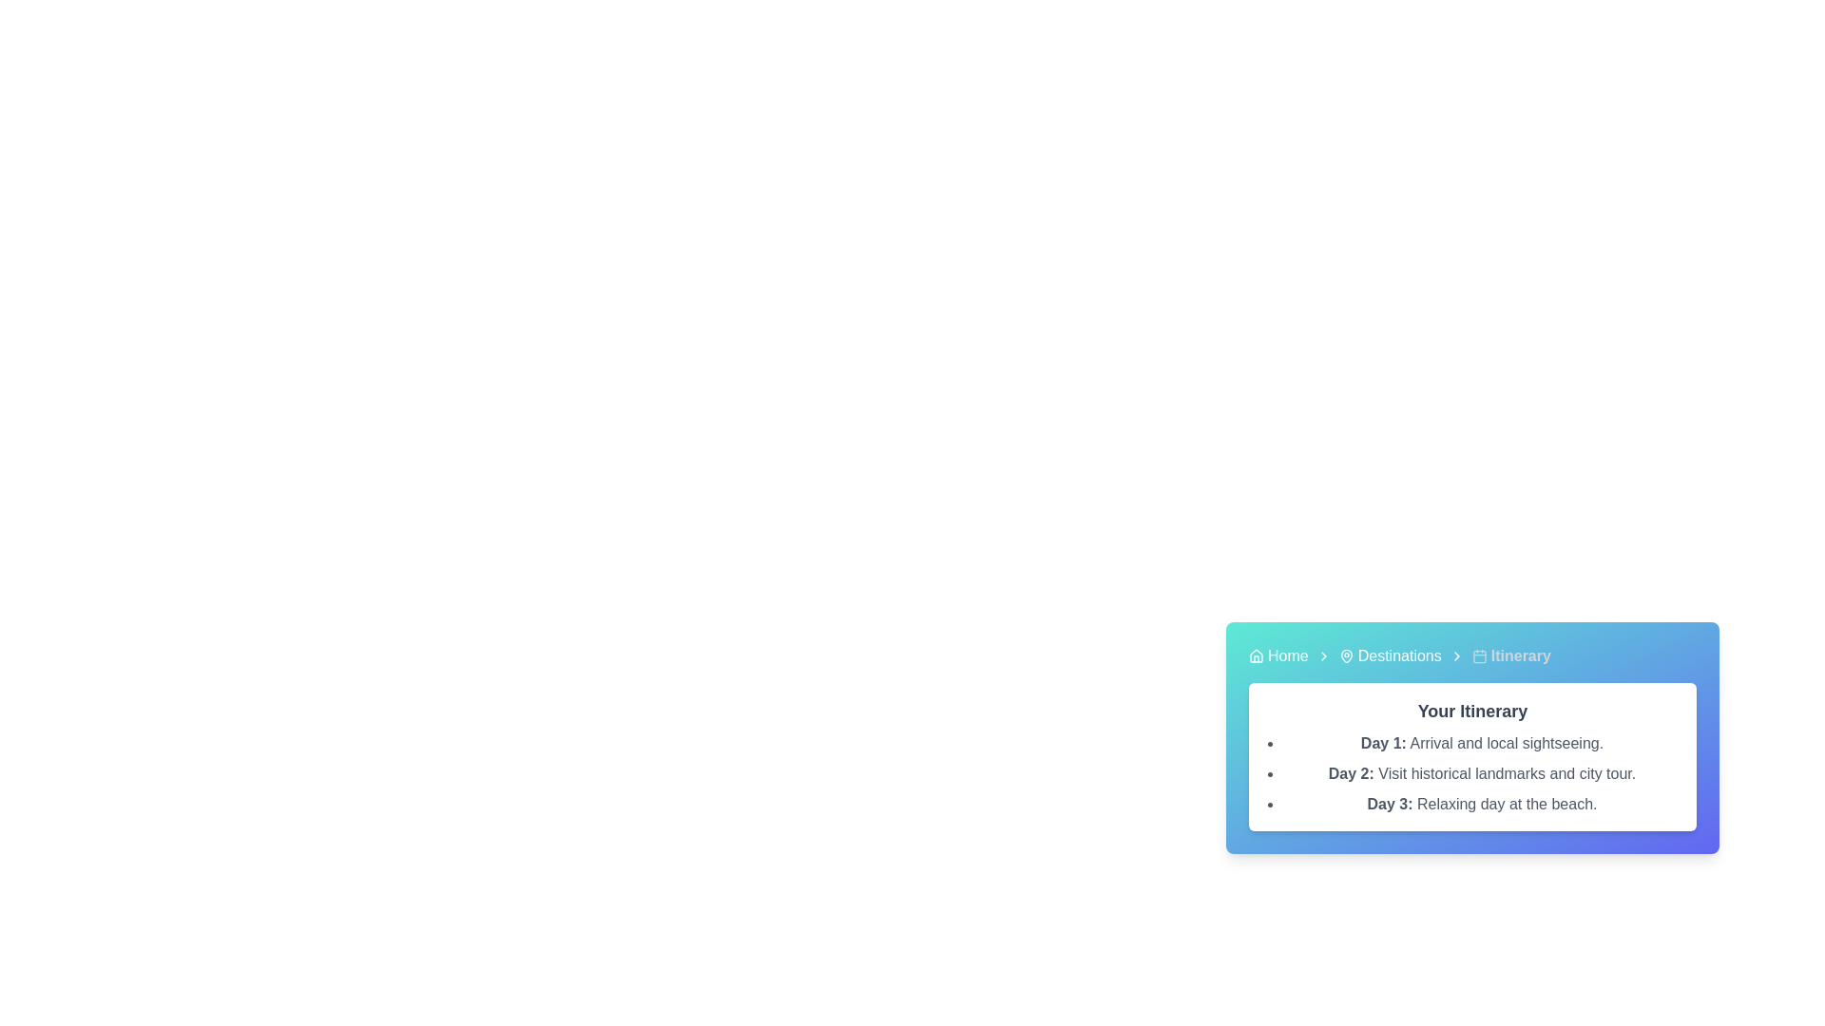  Describe the element at coordinates (1481, 805) in the screenshot. I see `informational text element describing the planned itinerary for Day 3, which details a relaxing day at the beach, located as the third entry in the bulleted list under 'Your Itinerary.'` at that location.